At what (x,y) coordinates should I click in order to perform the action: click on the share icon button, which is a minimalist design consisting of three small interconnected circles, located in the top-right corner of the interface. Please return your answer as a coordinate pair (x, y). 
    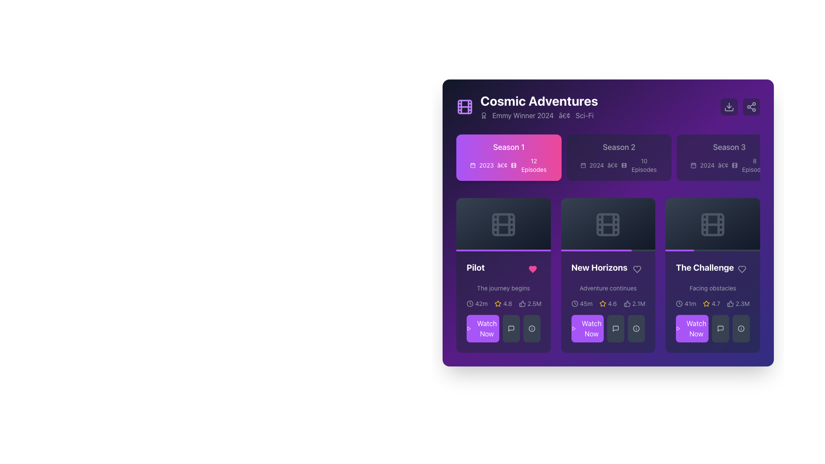
    Looking at the image, I should click on (751, 107).